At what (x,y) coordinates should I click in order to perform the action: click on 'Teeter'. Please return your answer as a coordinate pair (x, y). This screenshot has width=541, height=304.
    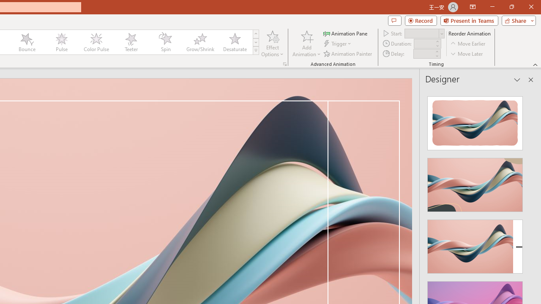
    Looking at the image, I should click on (130, 42).